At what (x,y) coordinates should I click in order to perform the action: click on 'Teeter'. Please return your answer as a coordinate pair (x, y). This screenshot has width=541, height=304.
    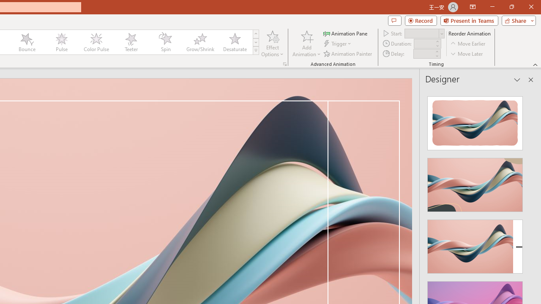
    Looking at the image, I should click on (130, 42).